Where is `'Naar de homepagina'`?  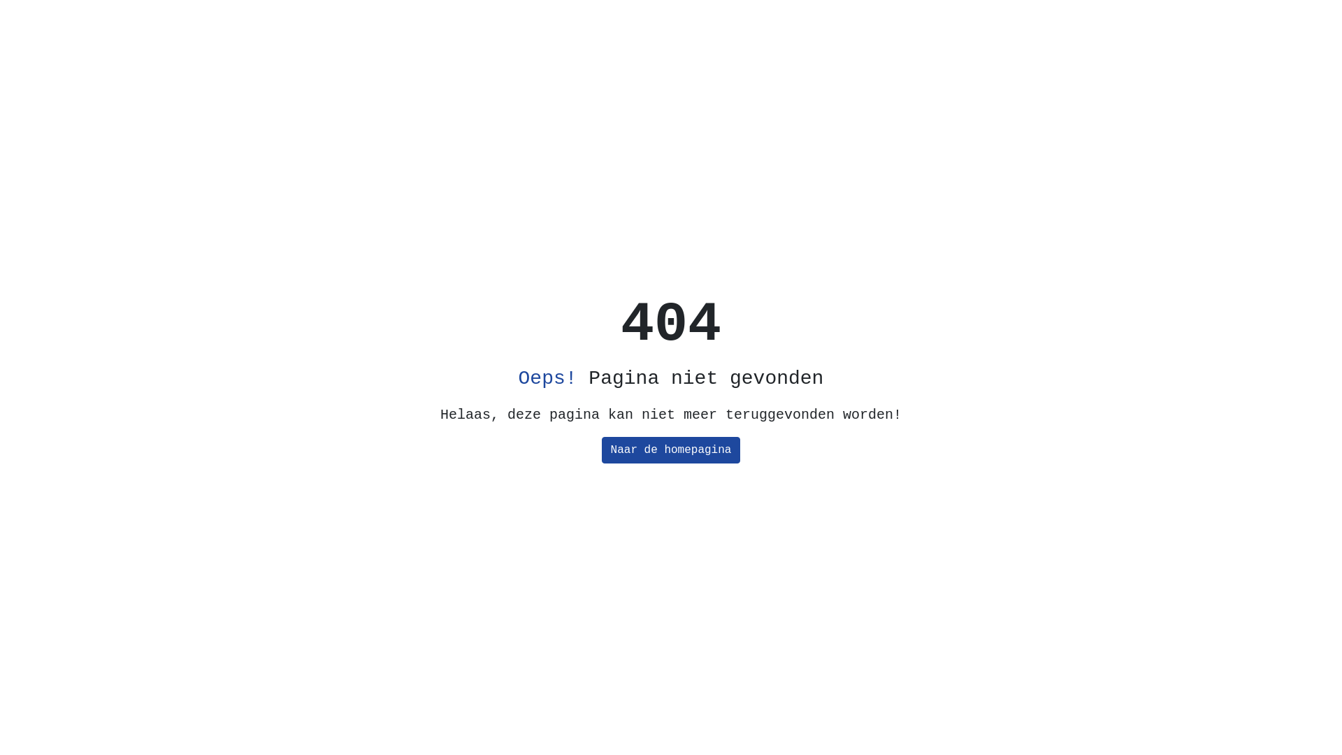
'Naar de homepagina' is located at coordinates (601, 450).